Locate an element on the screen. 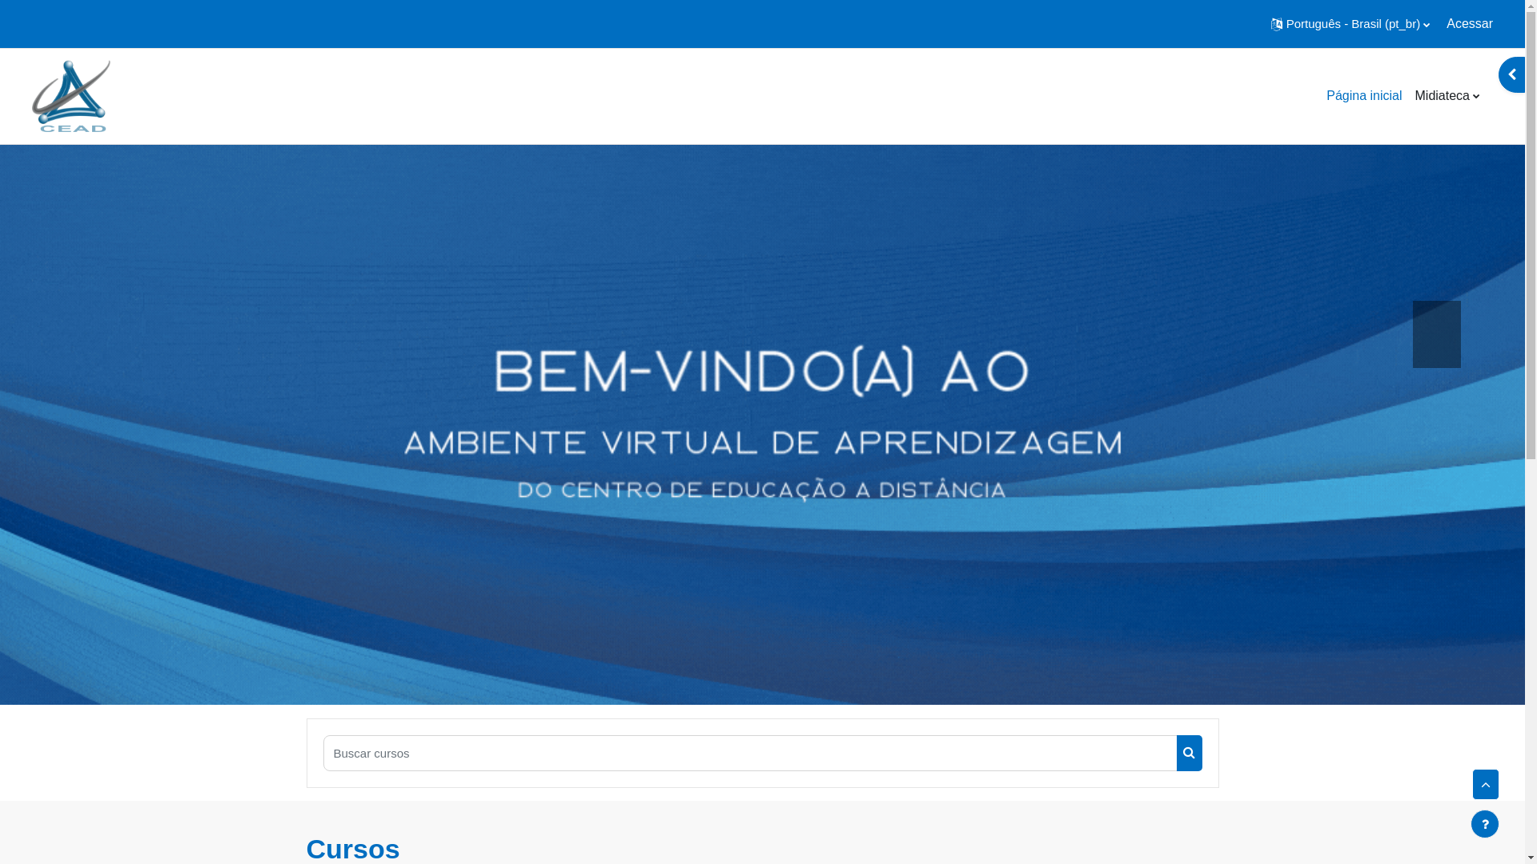 The height and width of the screenshot is (864, 1537). 'Abrir gaveta de blocos' is located at coordinates (1498, 74).